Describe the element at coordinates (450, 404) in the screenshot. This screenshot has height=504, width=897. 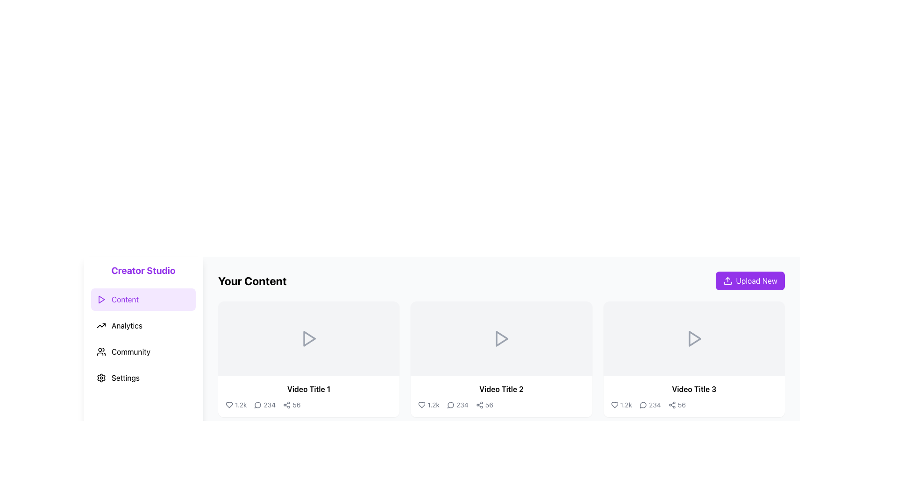
I see `the chat or message circle icon that is outlined with a triangular tail pointing left, located immediately to the left of the number '234' in the second video block below 'Video Title 2'` at that location.